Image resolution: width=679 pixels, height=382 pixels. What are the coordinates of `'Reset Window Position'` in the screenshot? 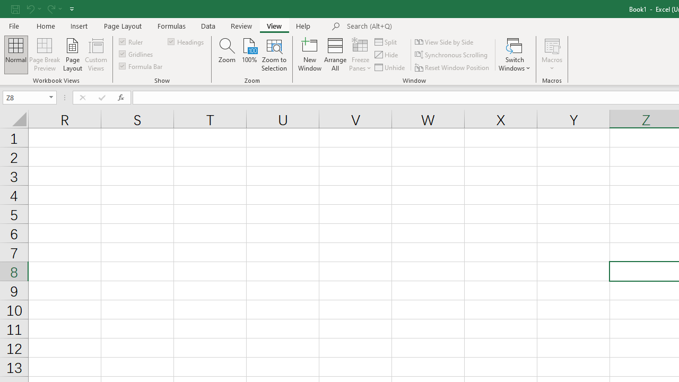 It's located at (453, 67).